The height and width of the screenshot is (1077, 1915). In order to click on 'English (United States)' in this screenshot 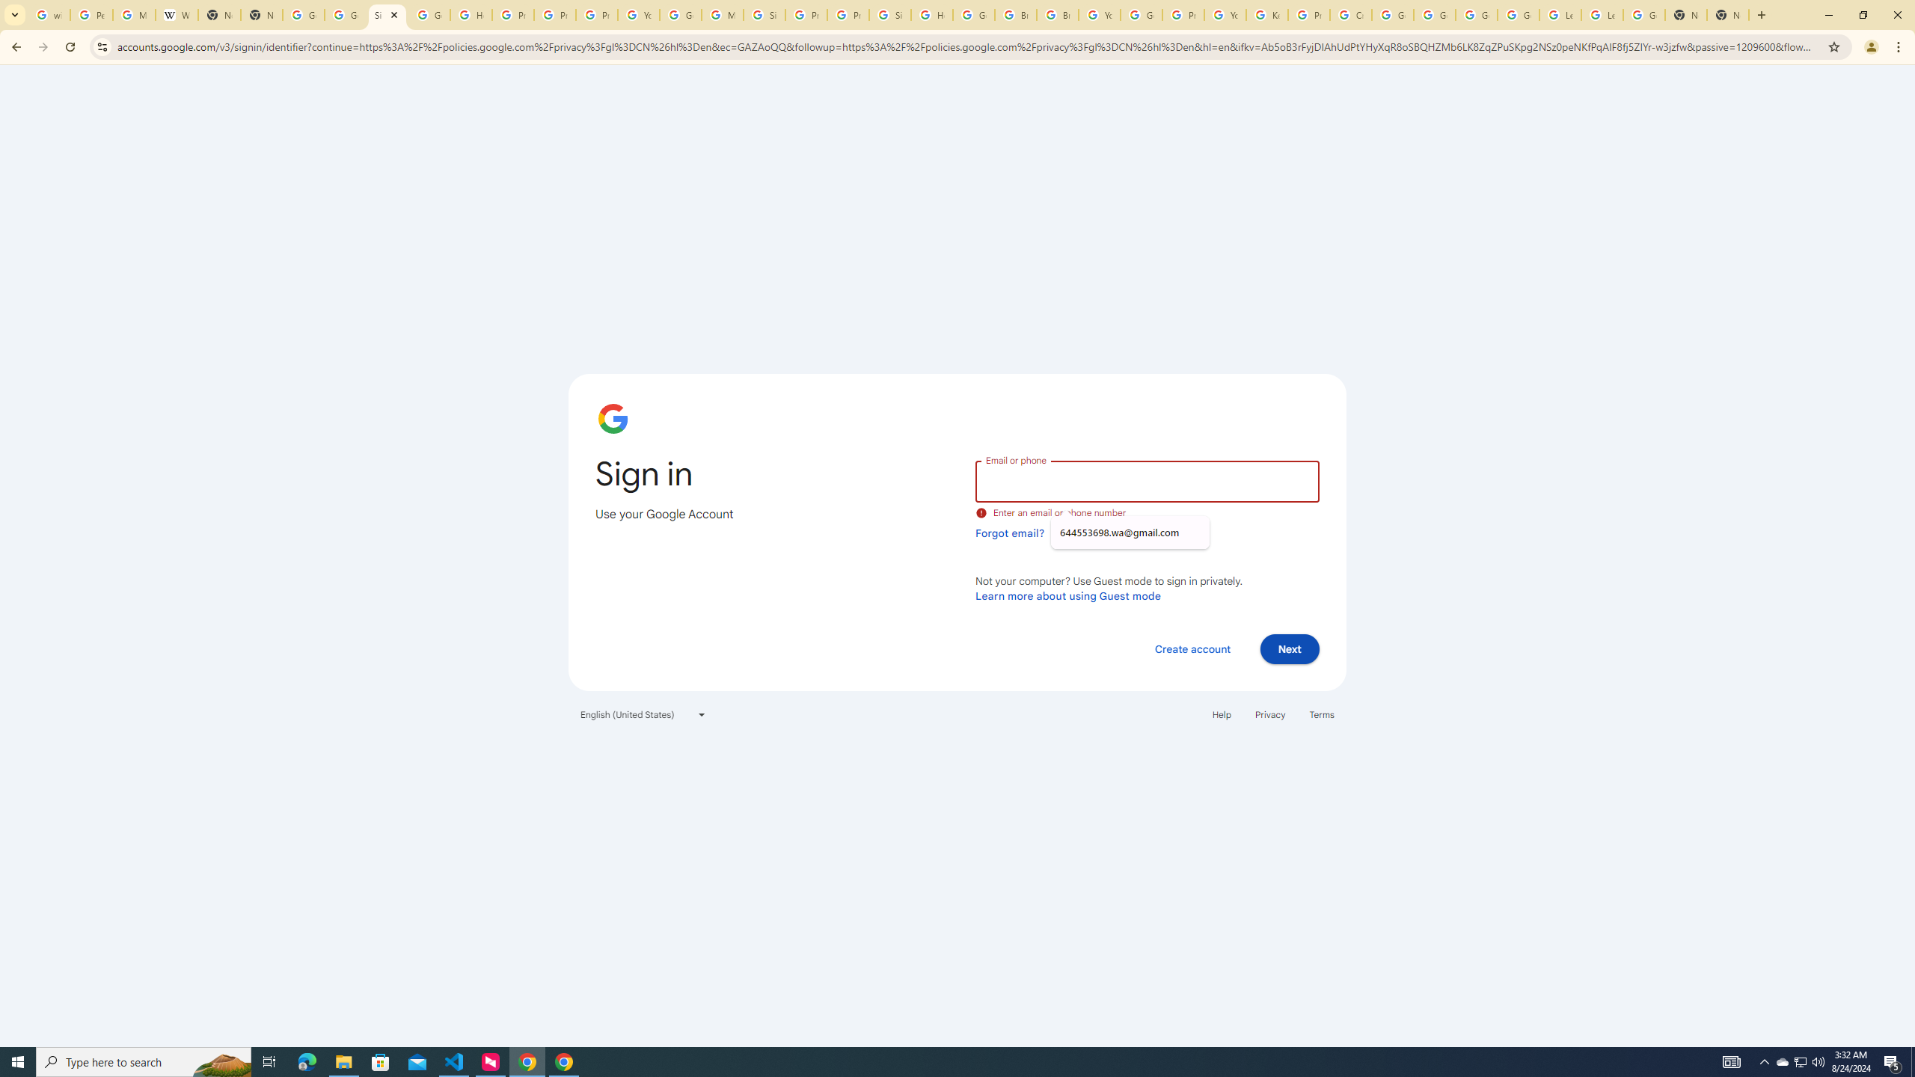, I will do `click(643, 714)`.